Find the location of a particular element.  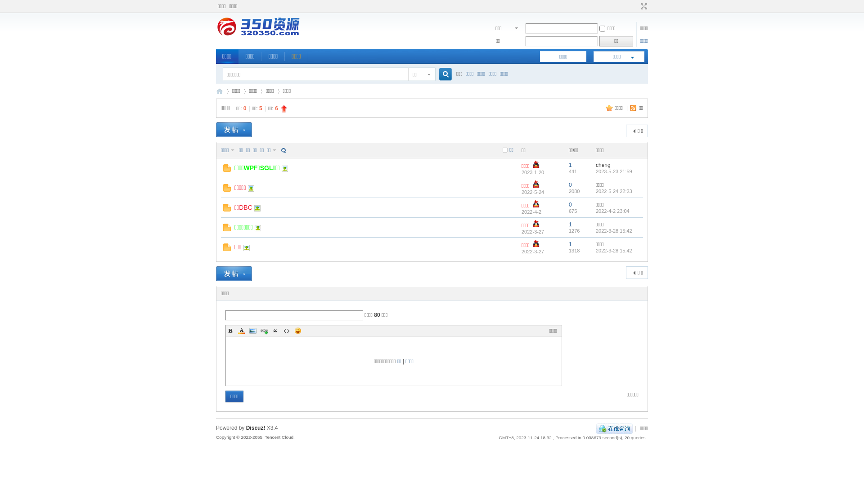

'QQ' is located at coordinates (614, 428).